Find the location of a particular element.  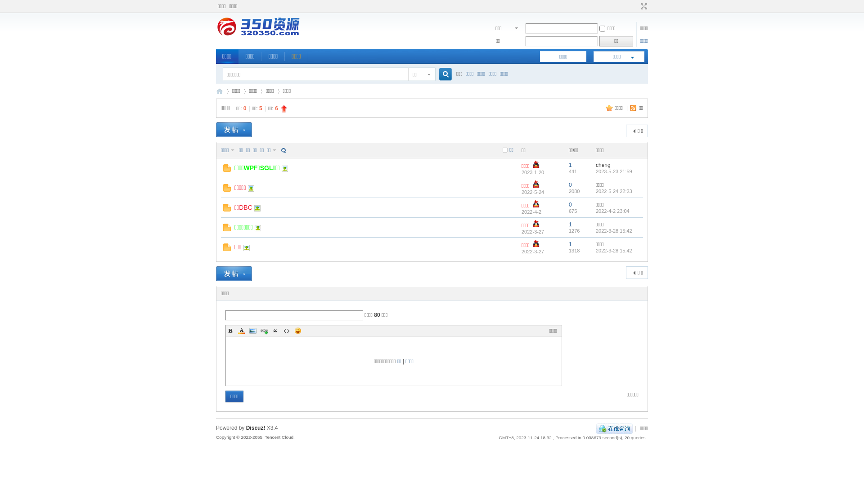

'QQ' is located at coordinates (614, 428).